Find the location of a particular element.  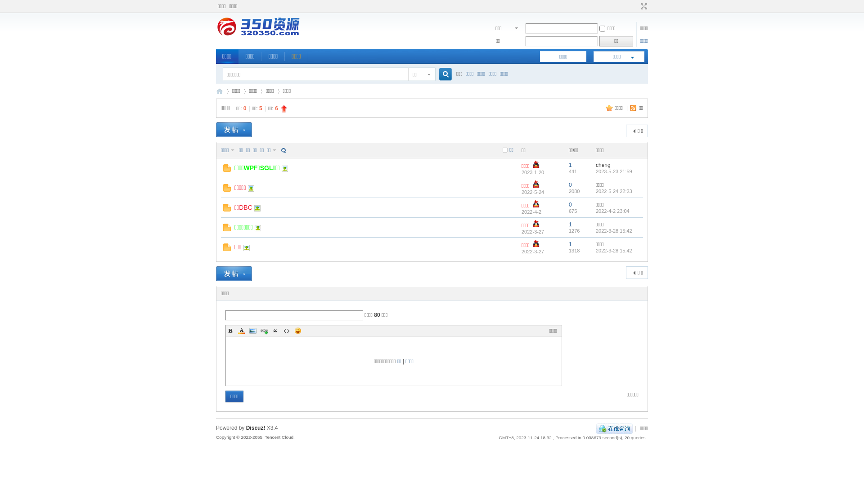

'QQ' is located at coordinates (614, 428).